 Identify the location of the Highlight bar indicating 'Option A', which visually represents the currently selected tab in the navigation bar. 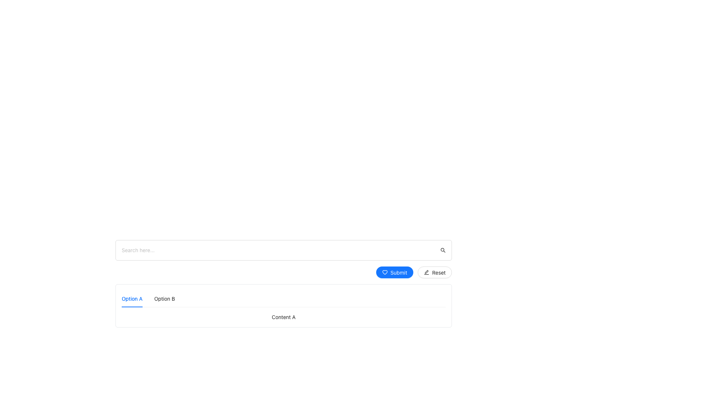
(132, 307).